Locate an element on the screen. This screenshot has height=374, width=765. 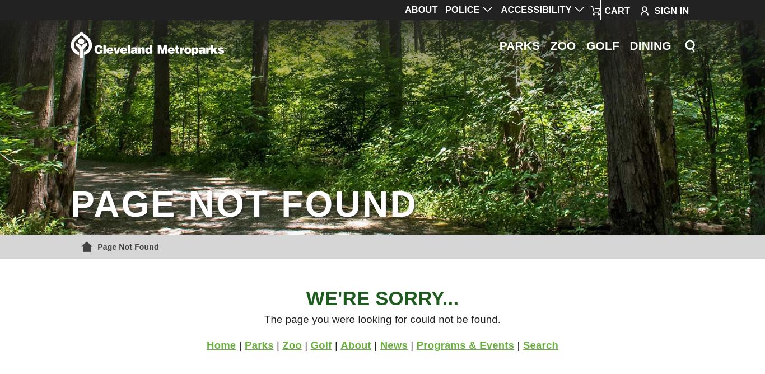
'The page you were looking for could not be found.' is located at coordinates (263, 319).